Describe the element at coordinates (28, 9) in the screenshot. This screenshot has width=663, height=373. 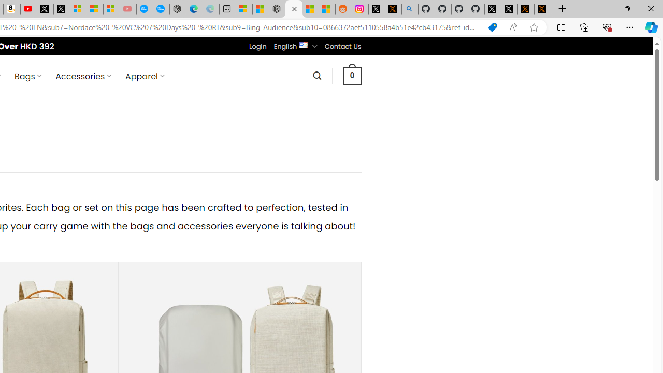
I see `'Day 1: Arriving in Yemen (surreal to be here) - YouTube'` at that location.